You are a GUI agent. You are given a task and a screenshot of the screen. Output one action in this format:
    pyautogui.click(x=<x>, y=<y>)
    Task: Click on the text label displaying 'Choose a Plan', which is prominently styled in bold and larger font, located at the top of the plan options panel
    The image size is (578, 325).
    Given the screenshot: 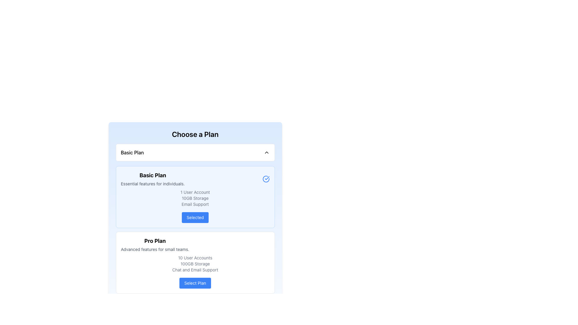 What is the action you would take?
    pyautogui.click(x=195, y=134)
    